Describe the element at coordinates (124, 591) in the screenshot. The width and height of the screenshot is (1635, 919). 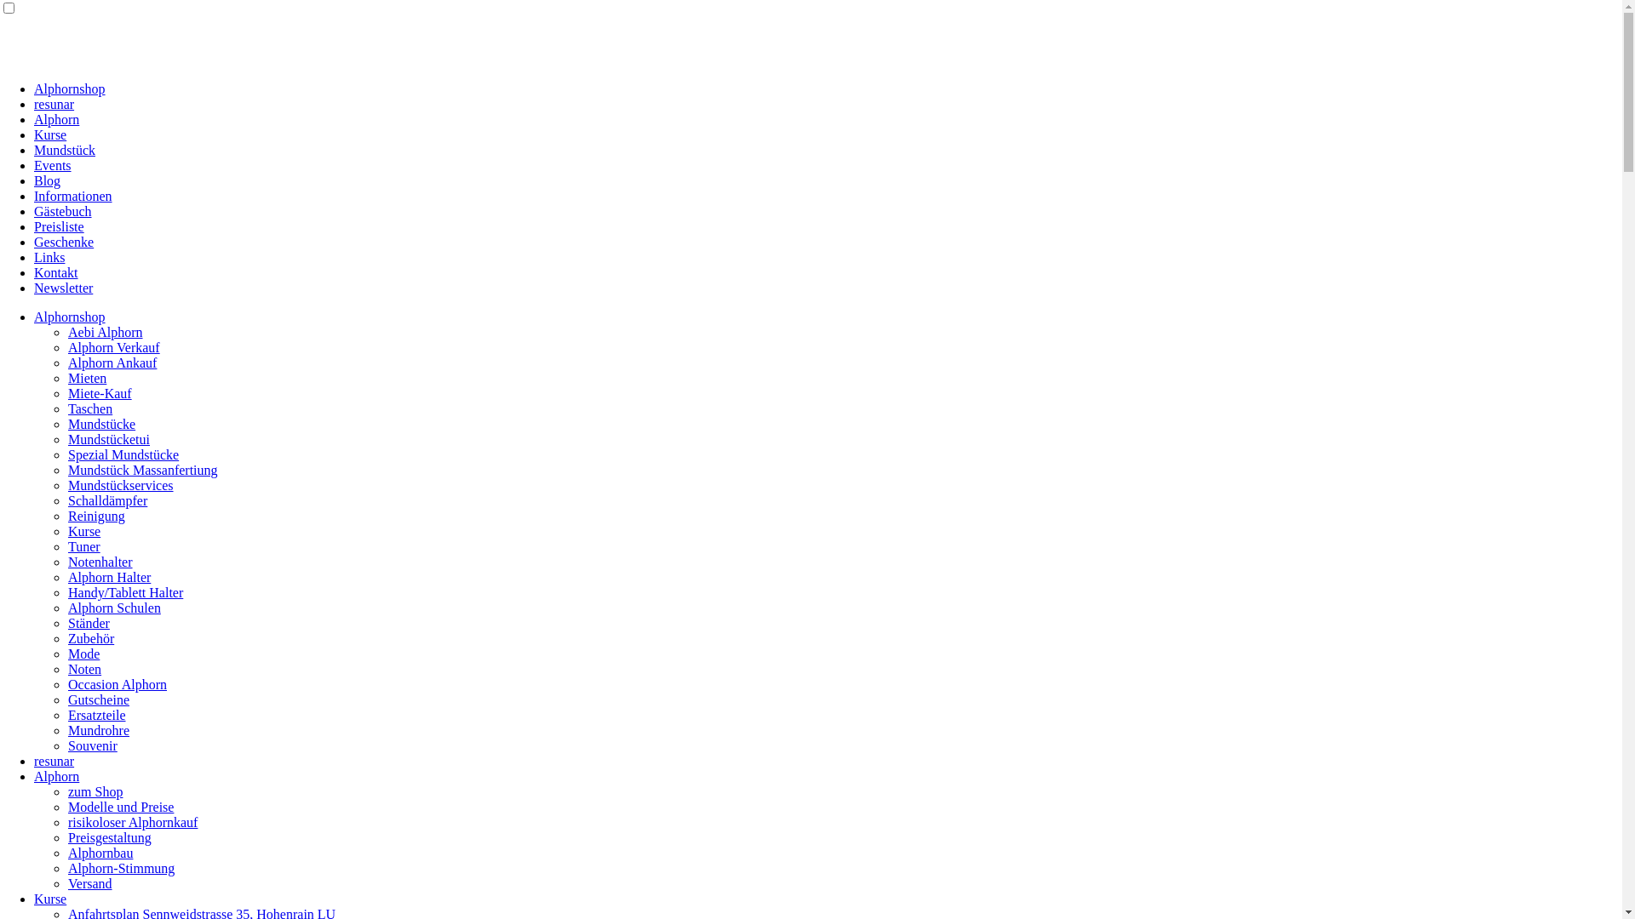
I see `'Handy/Tablett Halter'` at that location.